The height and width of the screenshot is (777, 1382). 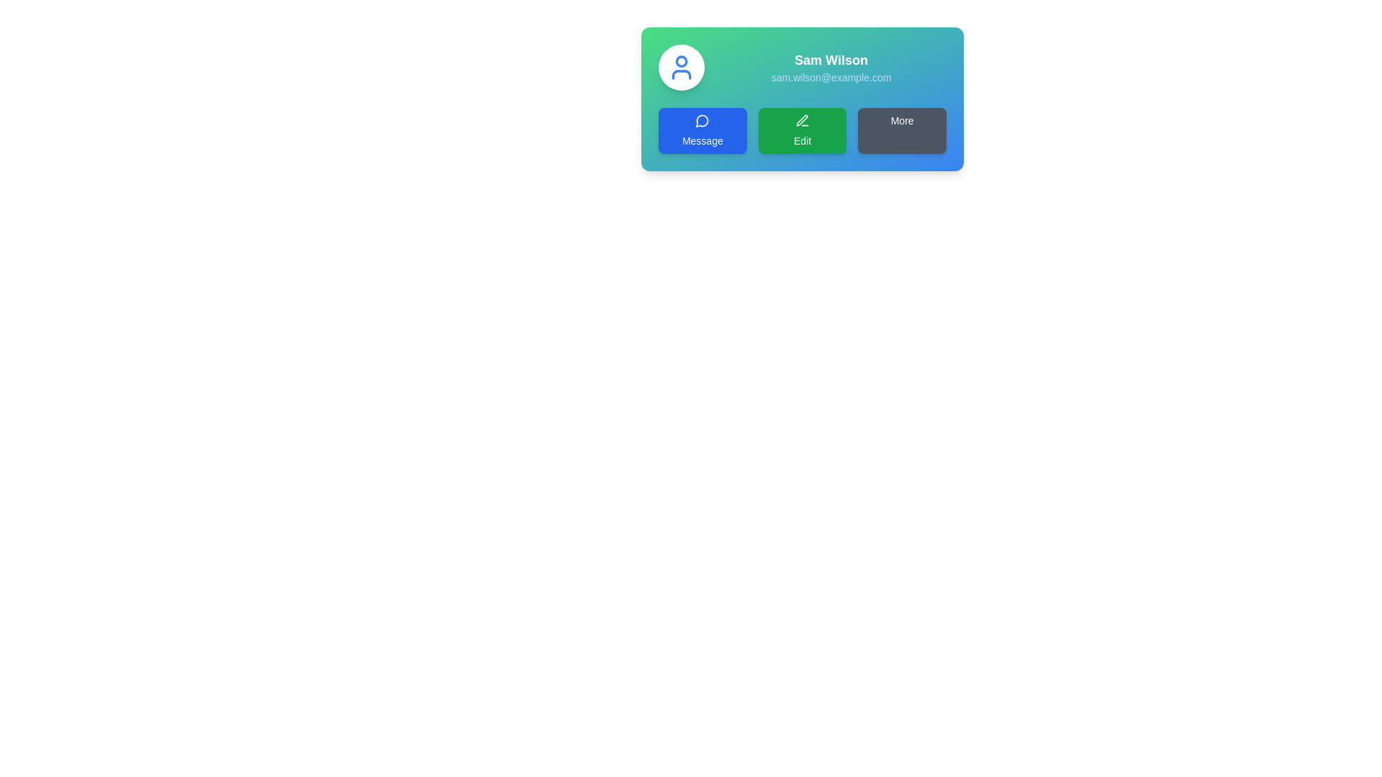 I want to click on the icon shape representing the shoulders and base of the user profile figure, located in the profile section of the interface, so click(x=680, y=75).